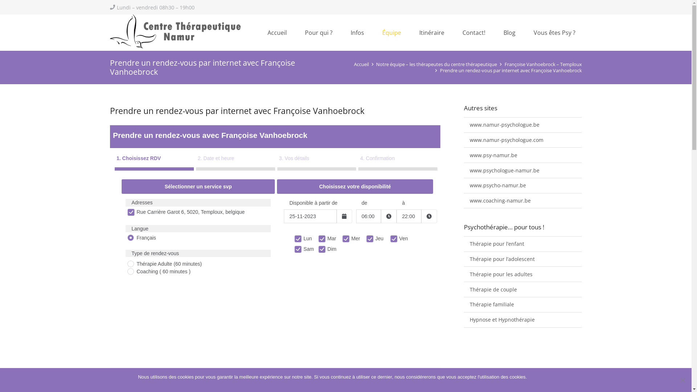  Describe the element at coordinates (523, 155) in the screenshot. I see `'www.psy-namur.be'` at that location.